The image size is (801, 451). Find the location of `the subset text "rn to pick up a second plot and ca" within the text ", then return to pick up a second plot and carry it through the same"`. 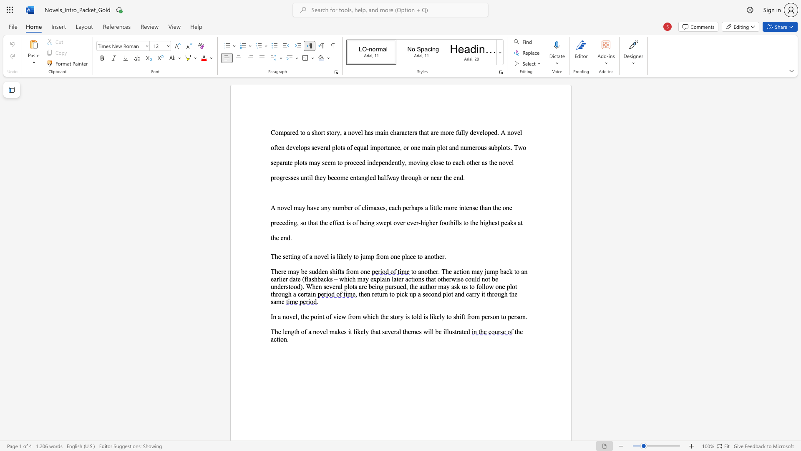

the subset text "rn to pick up a second plot and ca" within the text ", then return to pick up a second plot and carry it through the same" is located at coordinates (382, 294).